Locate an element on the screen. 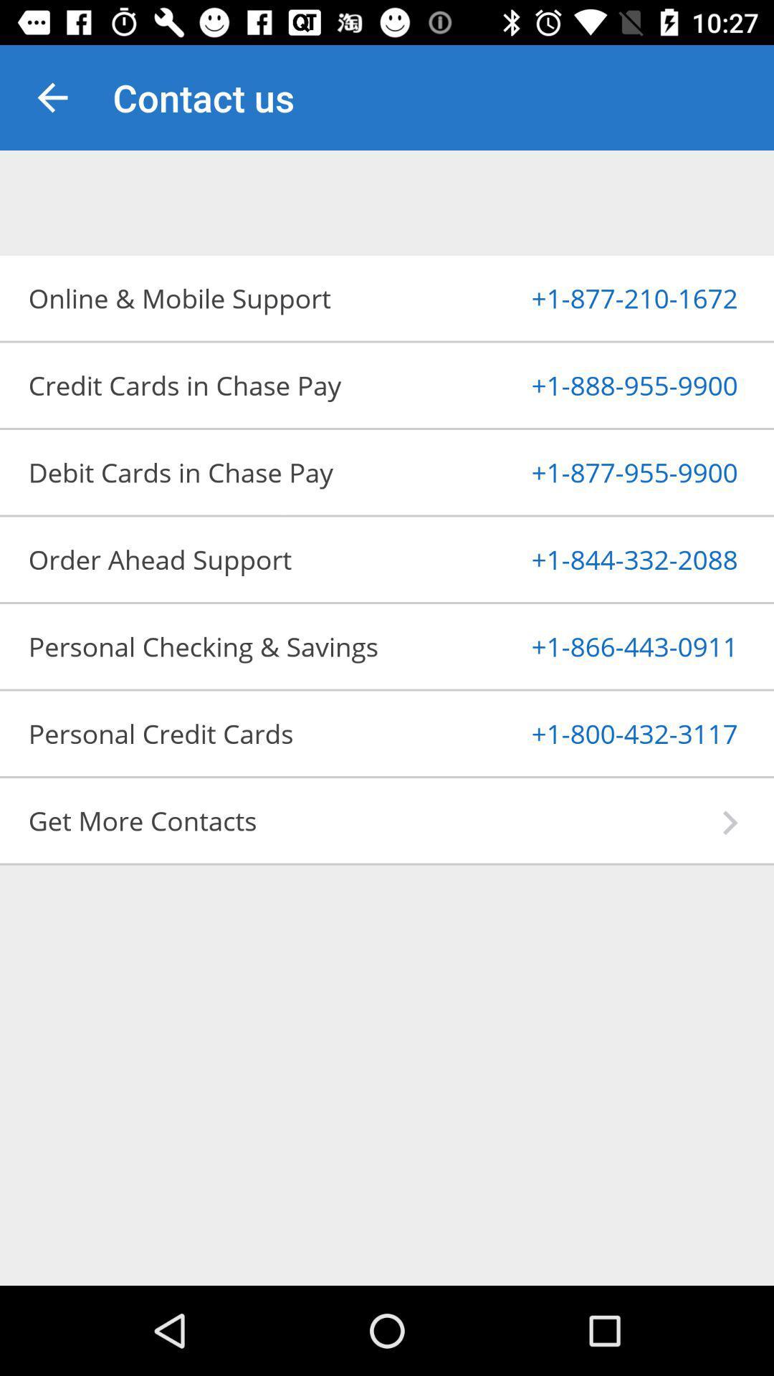 Image resolution: width=774 pixels, height=1376 pixels. app to the left of the contact us item is located at coordinates (52, 97).